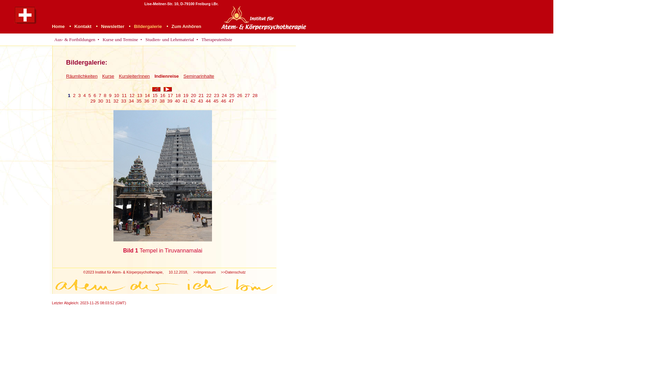 This screenshot has height=373, width=664. Describe the element at coordinates (162, 101) in the screenshot. I see `'38'` at that location.